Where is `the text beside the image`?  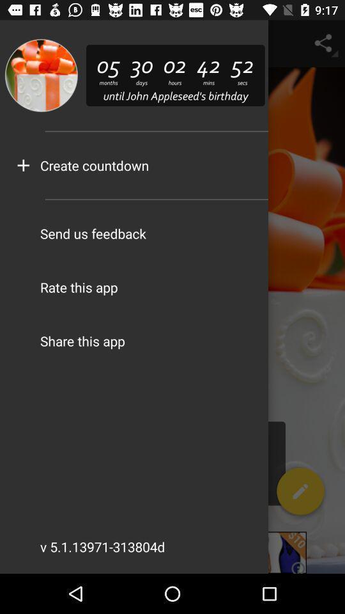 the text beside the image is located at coordinates (175, 75).